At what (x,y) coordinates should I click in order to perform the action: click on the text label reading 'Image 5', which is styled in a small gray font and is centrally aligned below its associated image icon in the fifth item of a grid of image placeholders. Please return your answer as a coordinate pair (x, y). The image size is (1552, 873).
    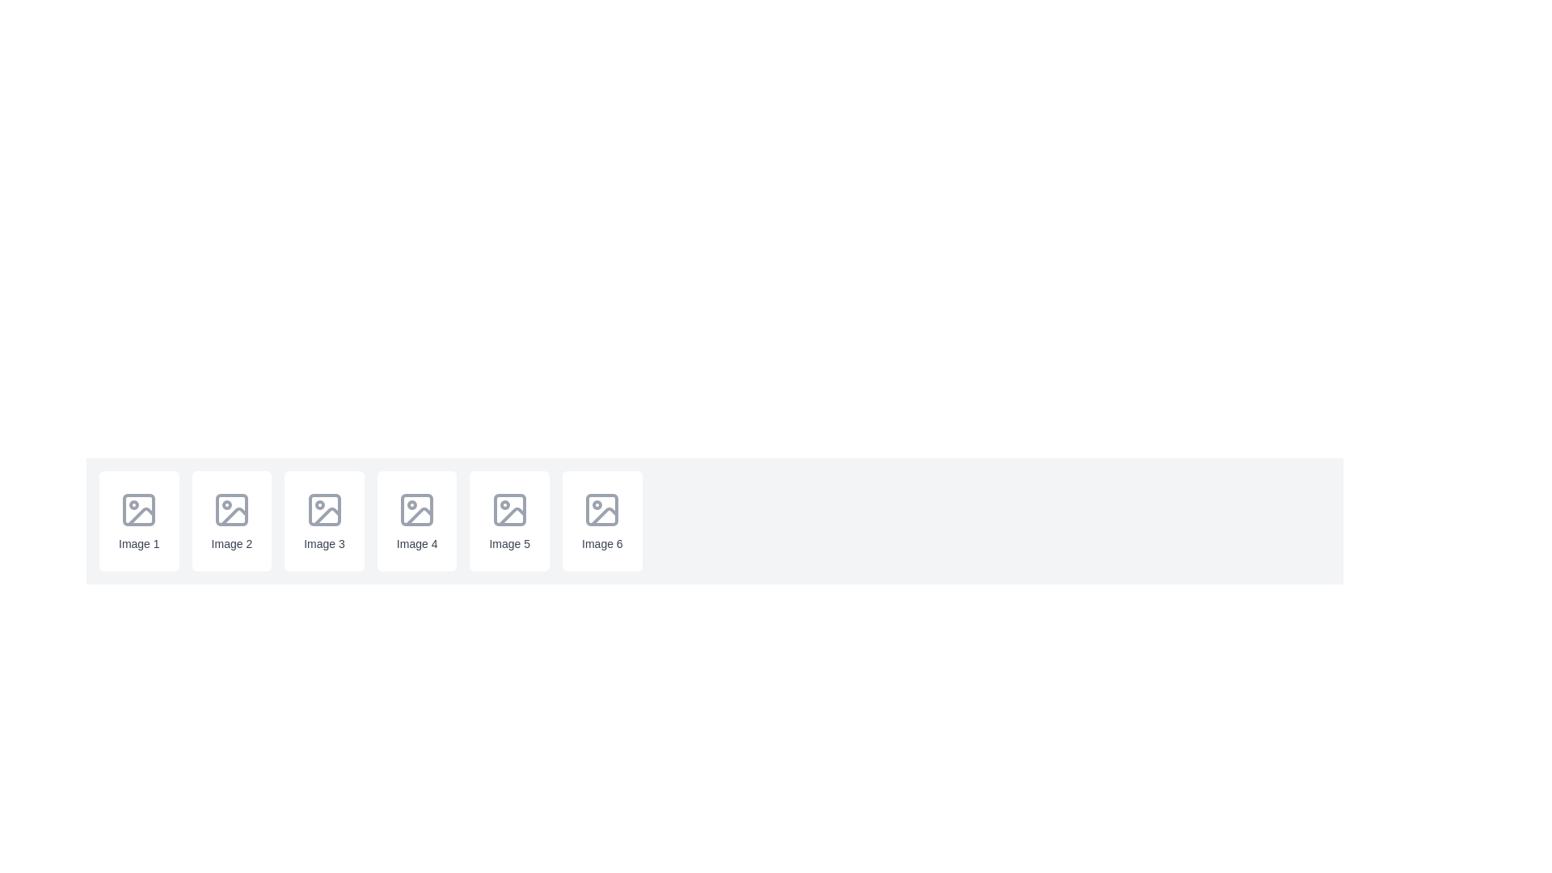
    Looking at the image, I should click on (508, 543).